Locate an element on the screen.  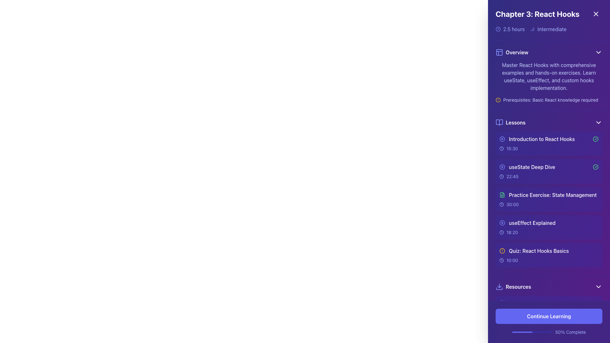
the 'Lessons' icon, which visually represents the 'Lessons' section and is located to the left of the 'Lessons' label in the section header is located at coordinates (499, 122).